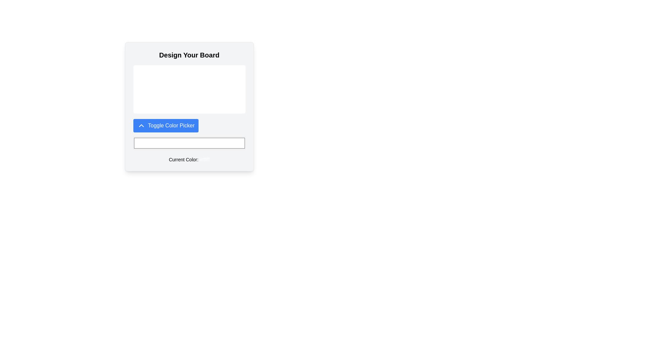 Image resolution: width=645 pixels, height=363 pixels. Describe the element at coordinates (189, 159) in the screenshot. I see `the text label displaying 'Current Color: #ffffff' which is styled in grayish-white and positioned beneath an input field` at that location.